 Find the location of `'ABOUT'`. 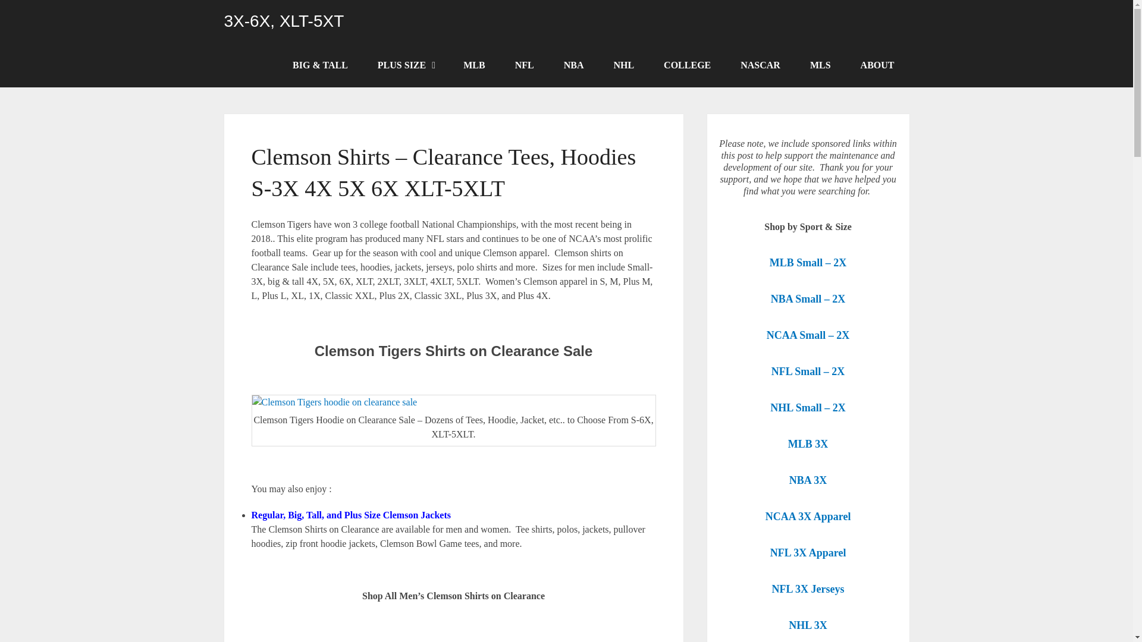

'ABOUT' is located at coordinates (877, 65).